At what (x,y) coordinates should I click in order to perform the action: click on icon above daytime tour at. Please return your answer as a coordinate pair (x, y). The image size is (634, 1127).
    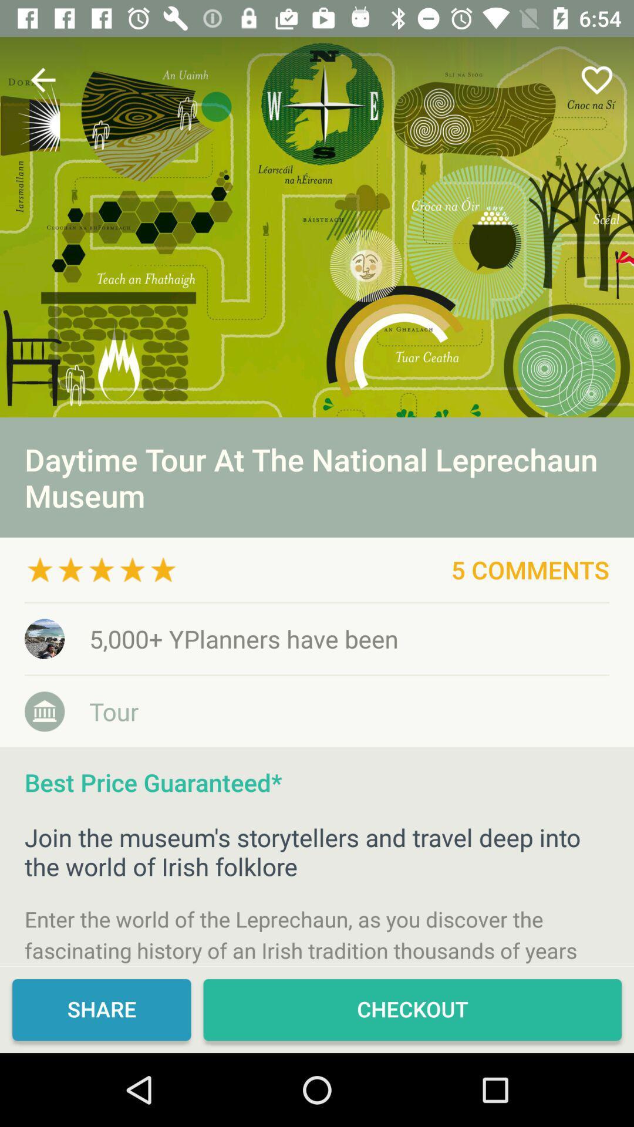
    Looking at the image, I should click on (317, 227).